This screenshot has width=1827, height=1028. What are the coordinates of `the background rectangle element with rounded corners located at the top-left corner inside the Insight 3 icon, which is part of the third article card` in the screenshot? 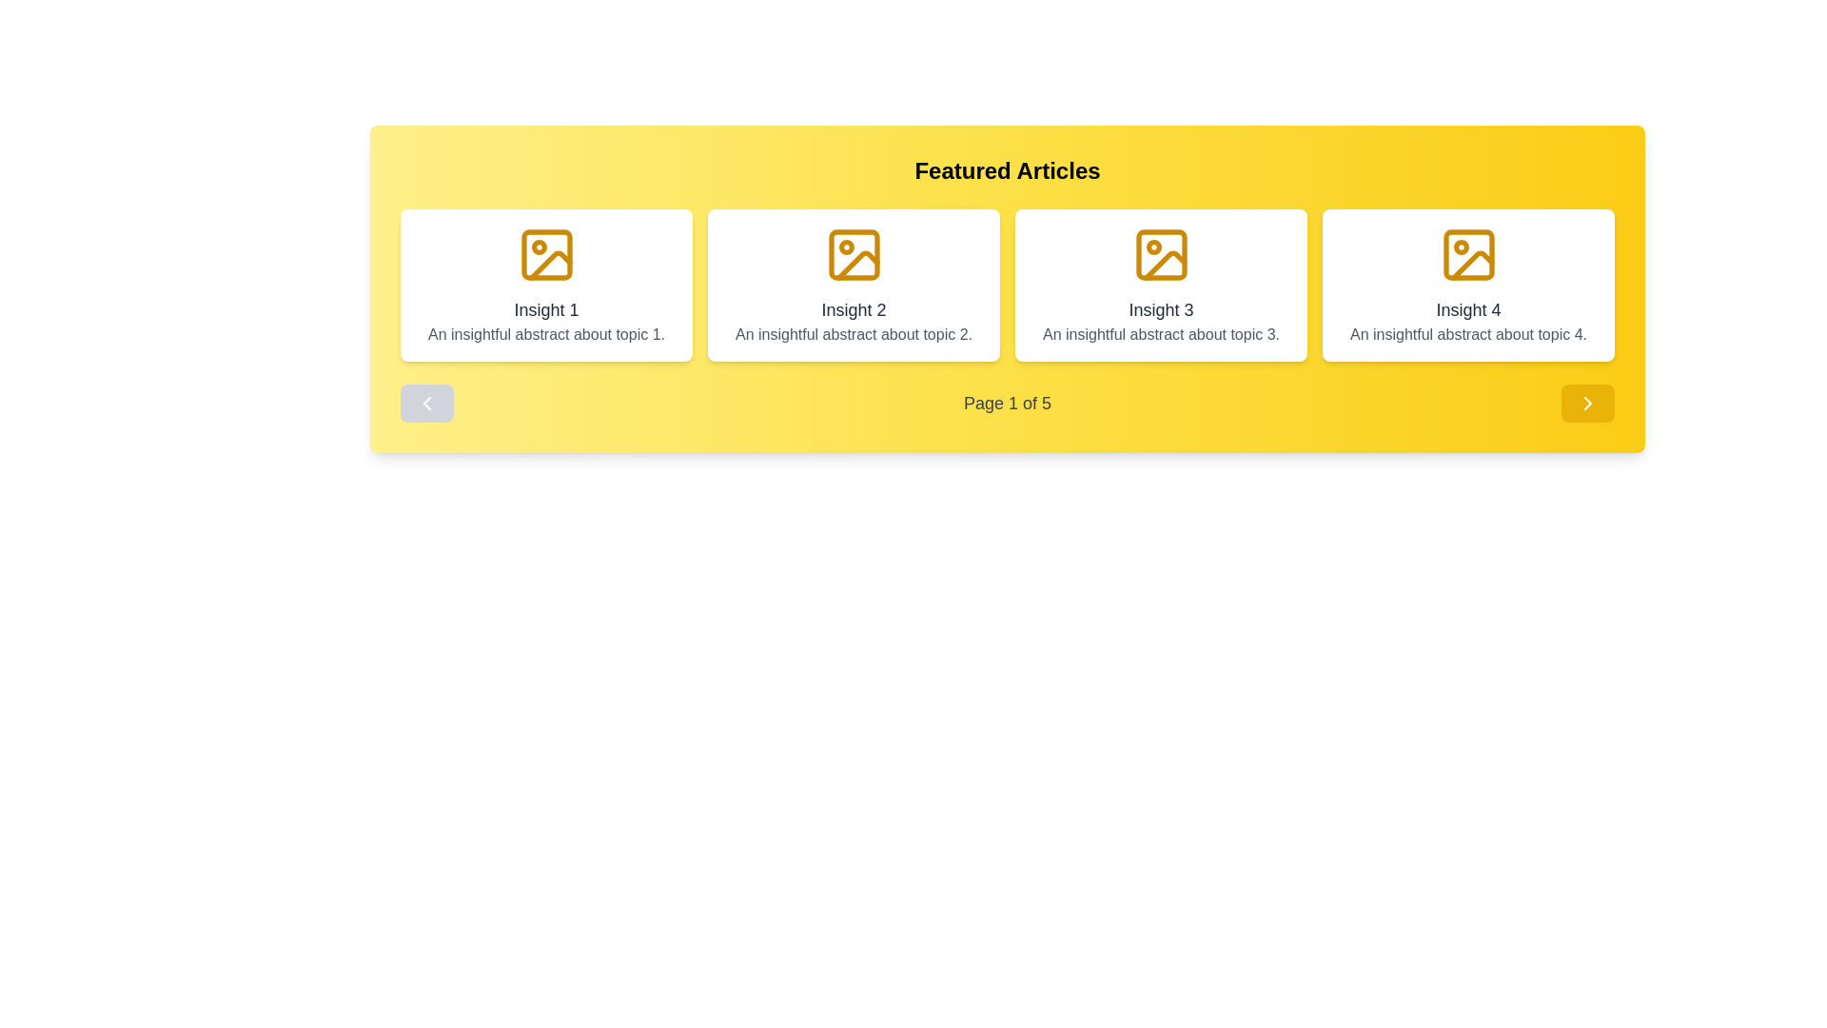 It's located at (1160, 253).